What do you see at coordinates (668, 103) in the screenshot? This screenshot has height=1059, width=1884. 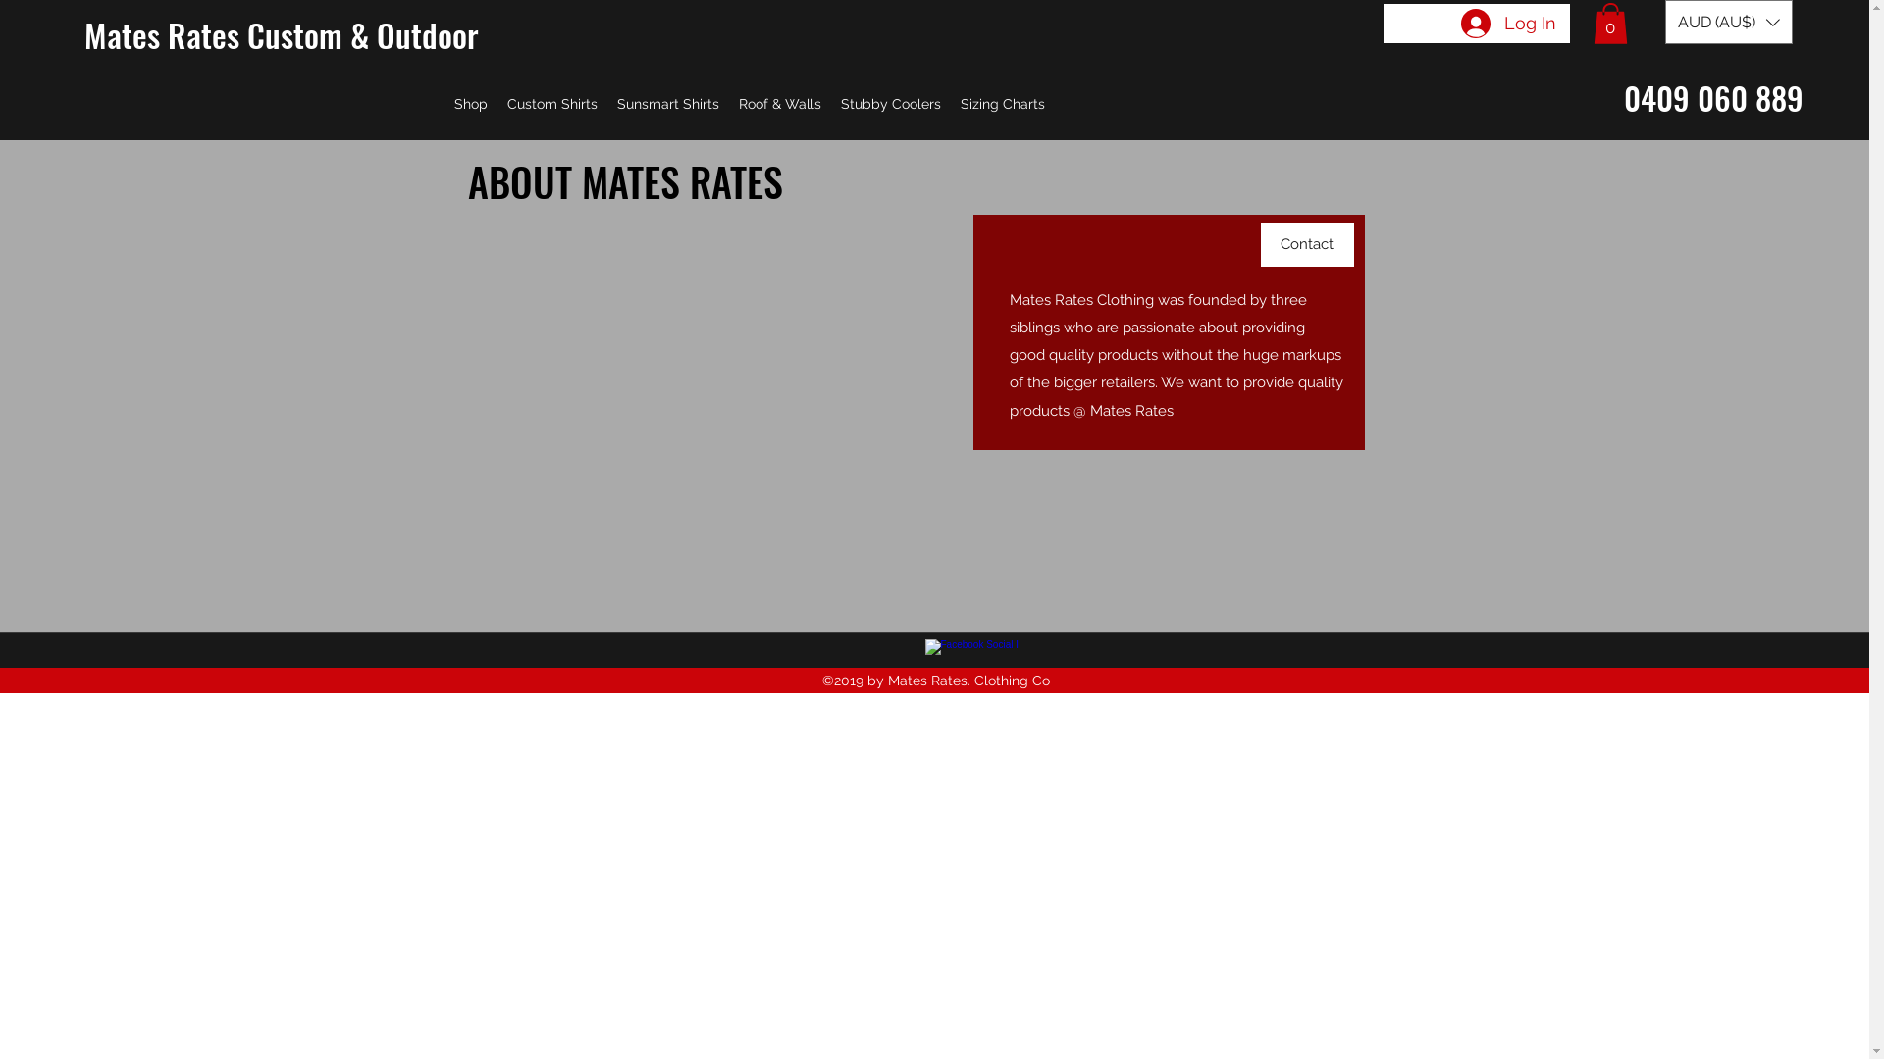 I see `'Sunsmart Shirts'` at bounding box center [668, 103].